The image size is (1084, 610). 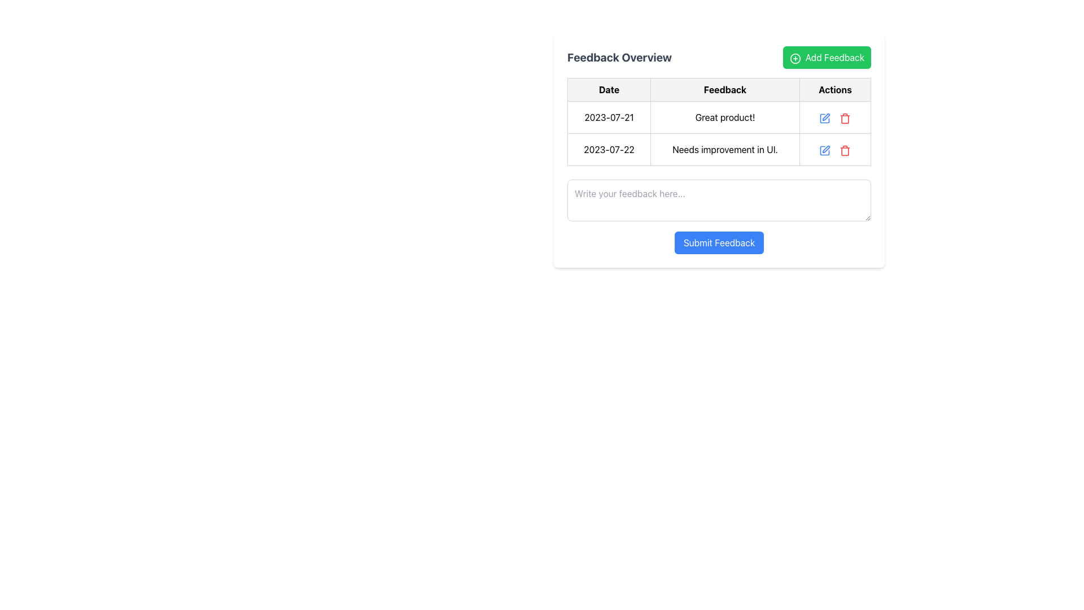 I want to click on the edit icon located in the 'Actions' column of the second row in the 'Feedback Overview' section, so click(x=825, y=150).